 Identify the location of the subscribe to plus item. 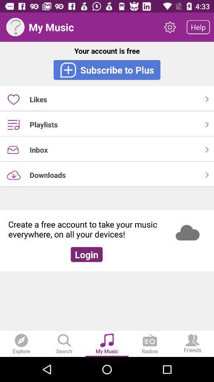
(107, 69).